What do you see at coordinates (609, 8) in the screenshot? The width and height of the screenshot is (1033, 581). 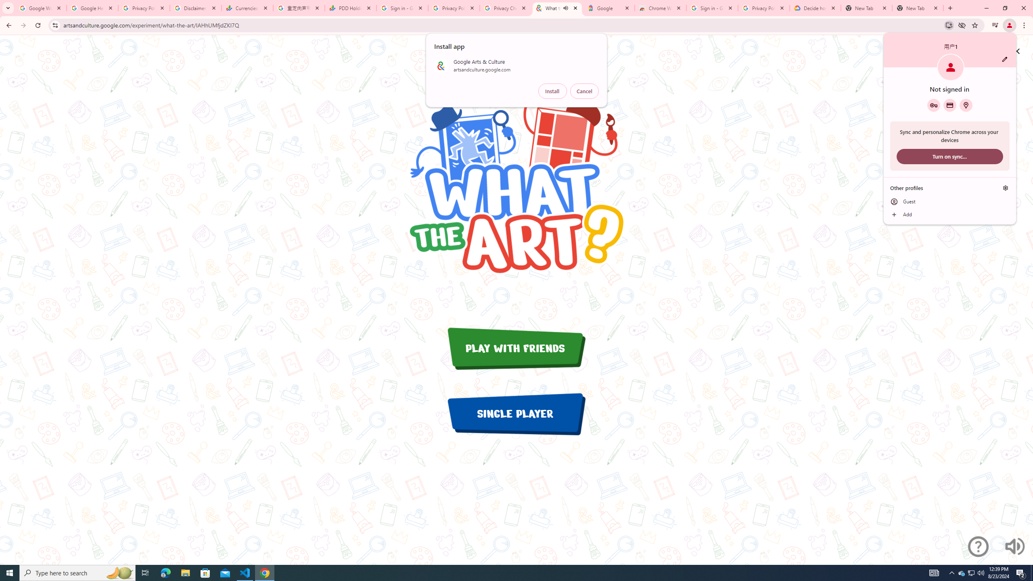 I see `'Mute tab'` at bounding box center [609, 8].